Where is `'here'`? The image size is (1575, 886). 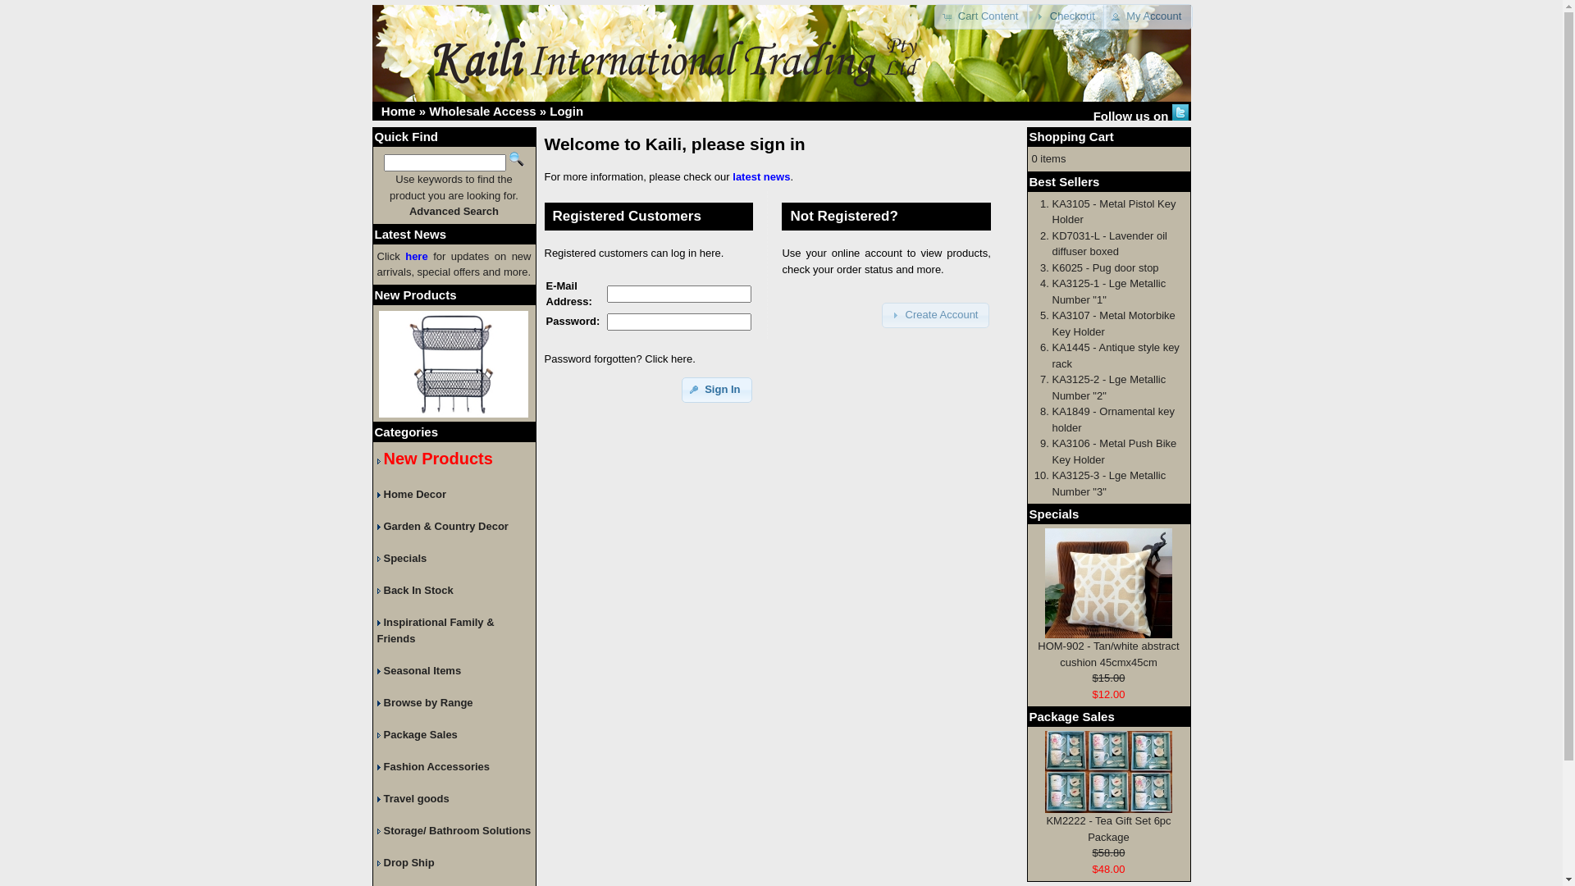 'here' is located at coordinates (416, 255).